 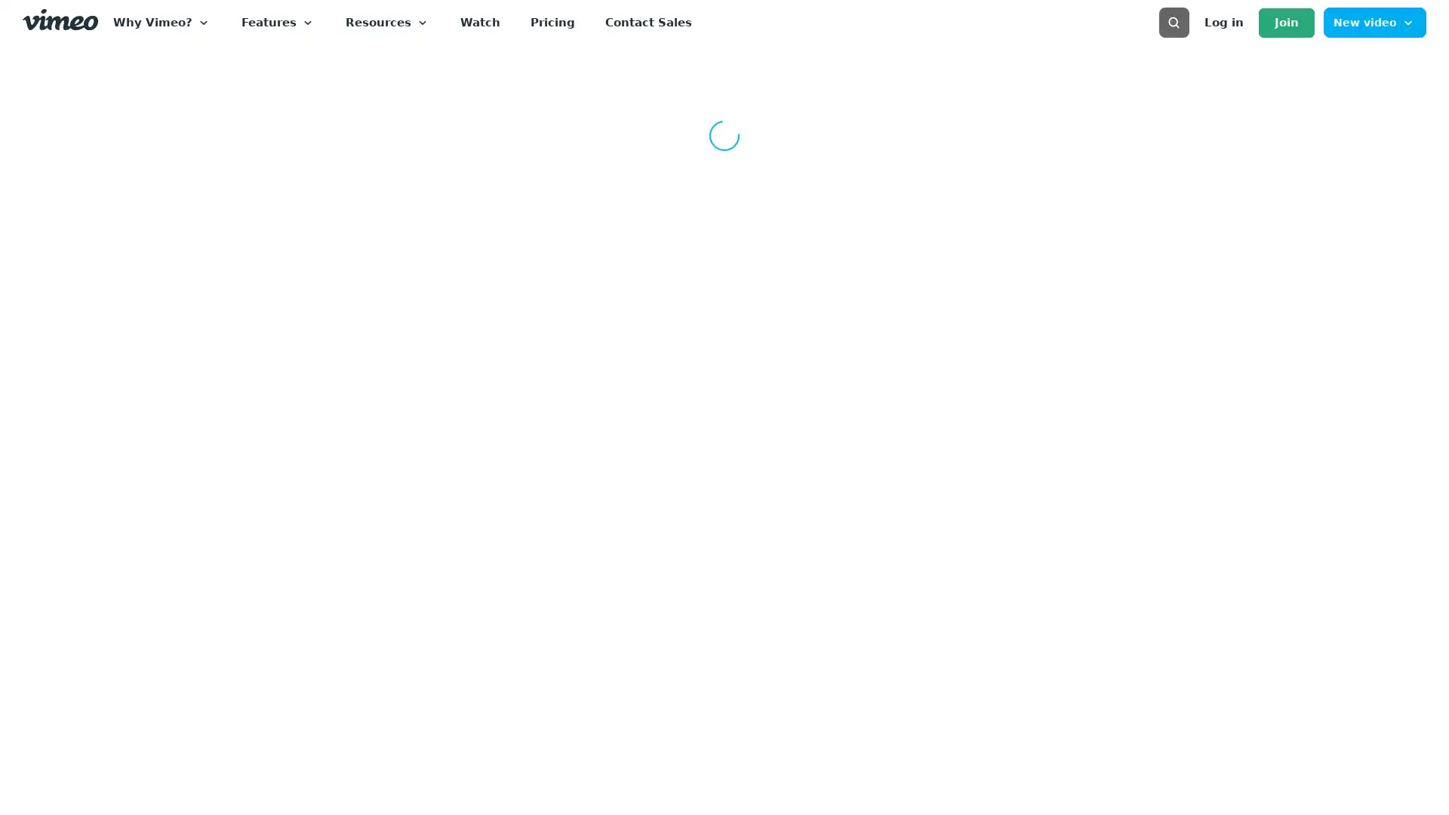 I want to click on Search, so click(x=1408, y=72).